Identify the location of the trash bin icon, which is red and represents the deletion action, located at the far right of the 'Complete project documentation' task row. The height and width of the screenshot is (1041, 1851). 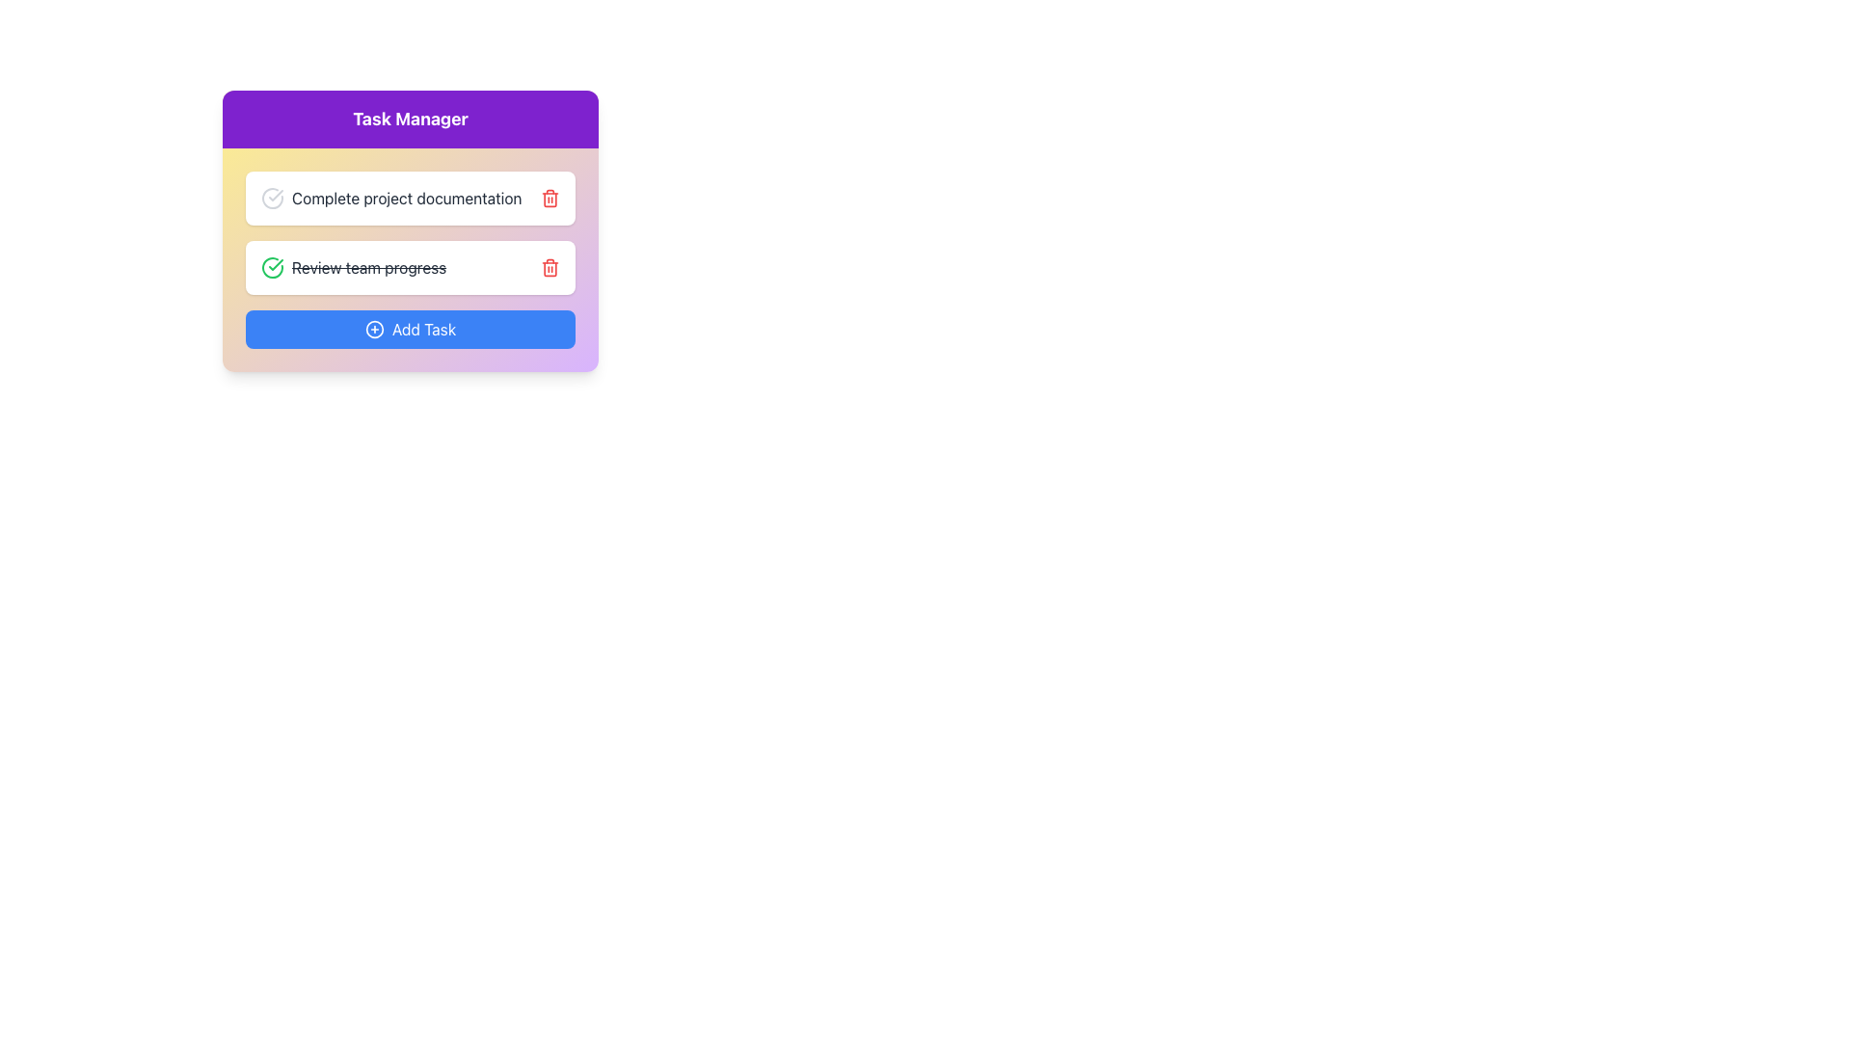
(550, 198).